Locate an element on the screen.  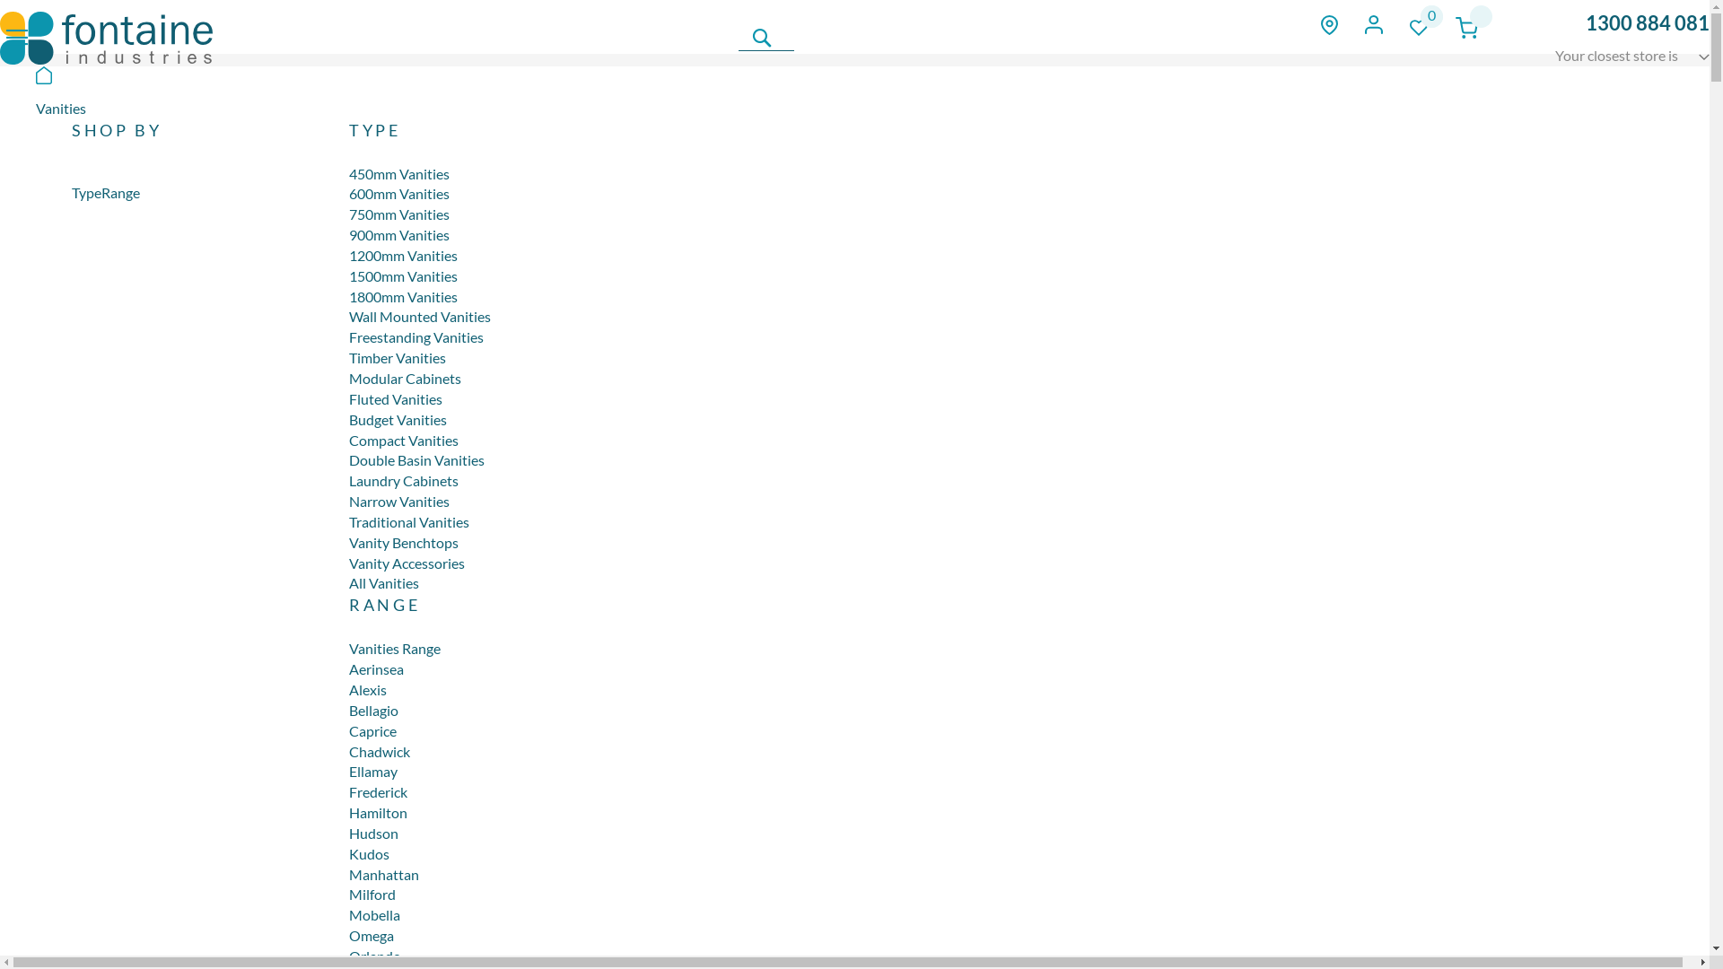
'Vanities' is located at coordinates (60, 108).